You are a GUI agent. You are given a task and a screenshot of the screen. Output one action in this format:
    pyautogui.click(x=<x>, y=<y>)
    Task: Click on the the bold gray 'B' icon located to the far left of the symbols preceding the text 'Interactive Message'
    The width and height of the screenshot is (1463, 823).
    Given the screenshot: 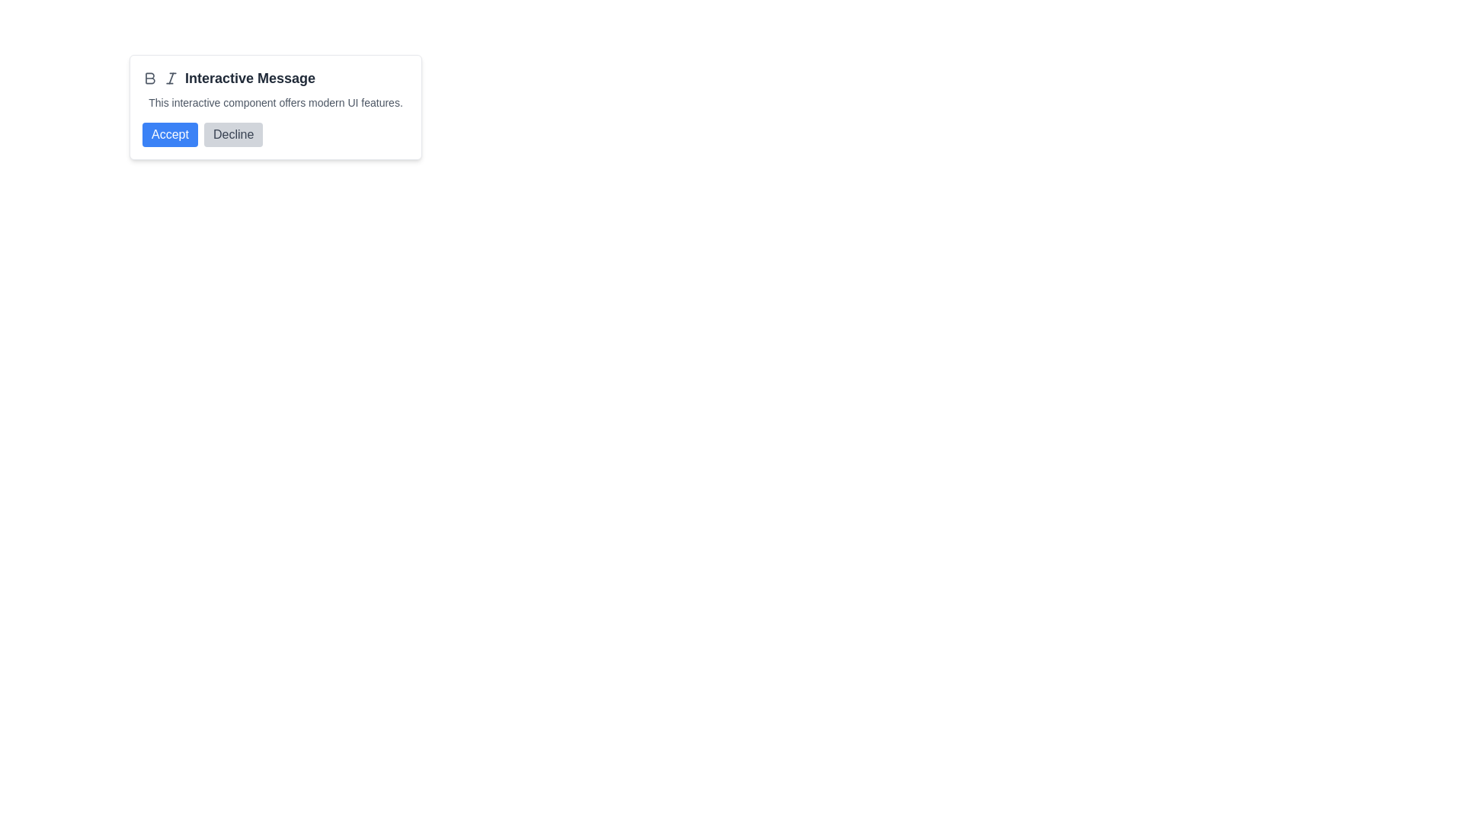 What is the action you would take?
    pyautogui.click(x=149, y=78)
    